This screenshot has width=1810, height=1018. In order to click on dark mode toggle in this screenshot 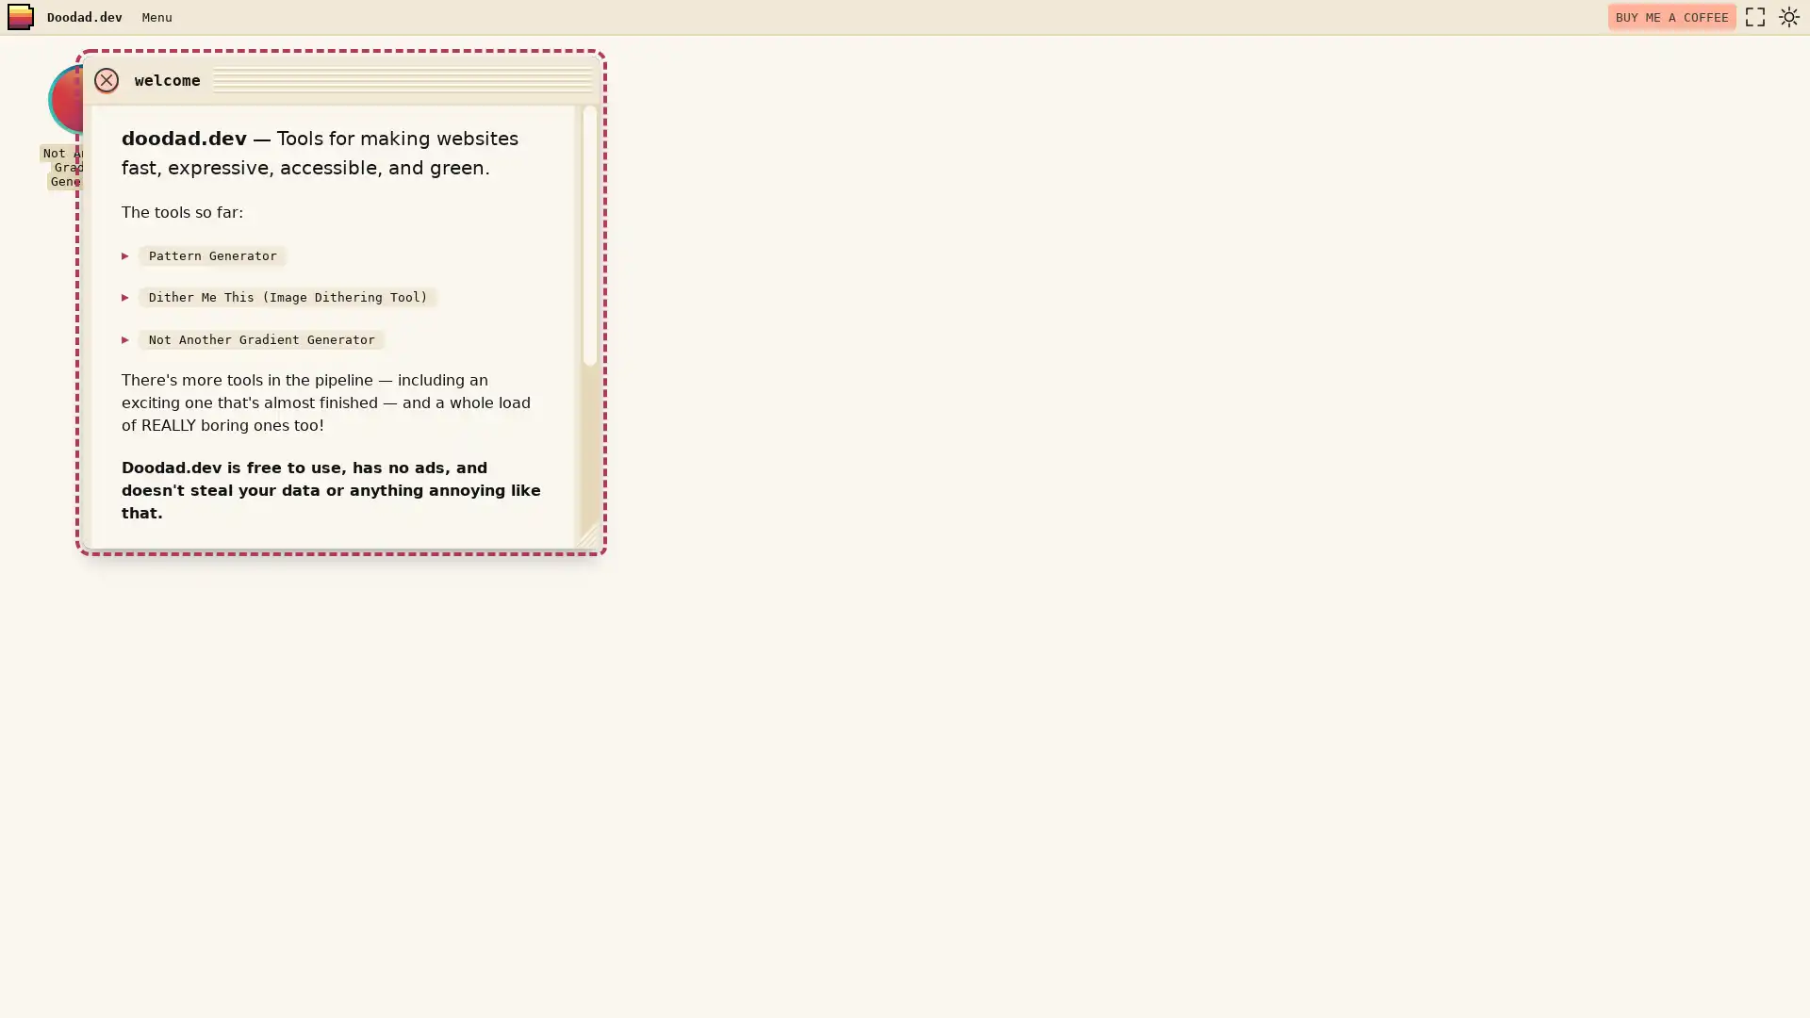, I will do `click(1787, 17)`.